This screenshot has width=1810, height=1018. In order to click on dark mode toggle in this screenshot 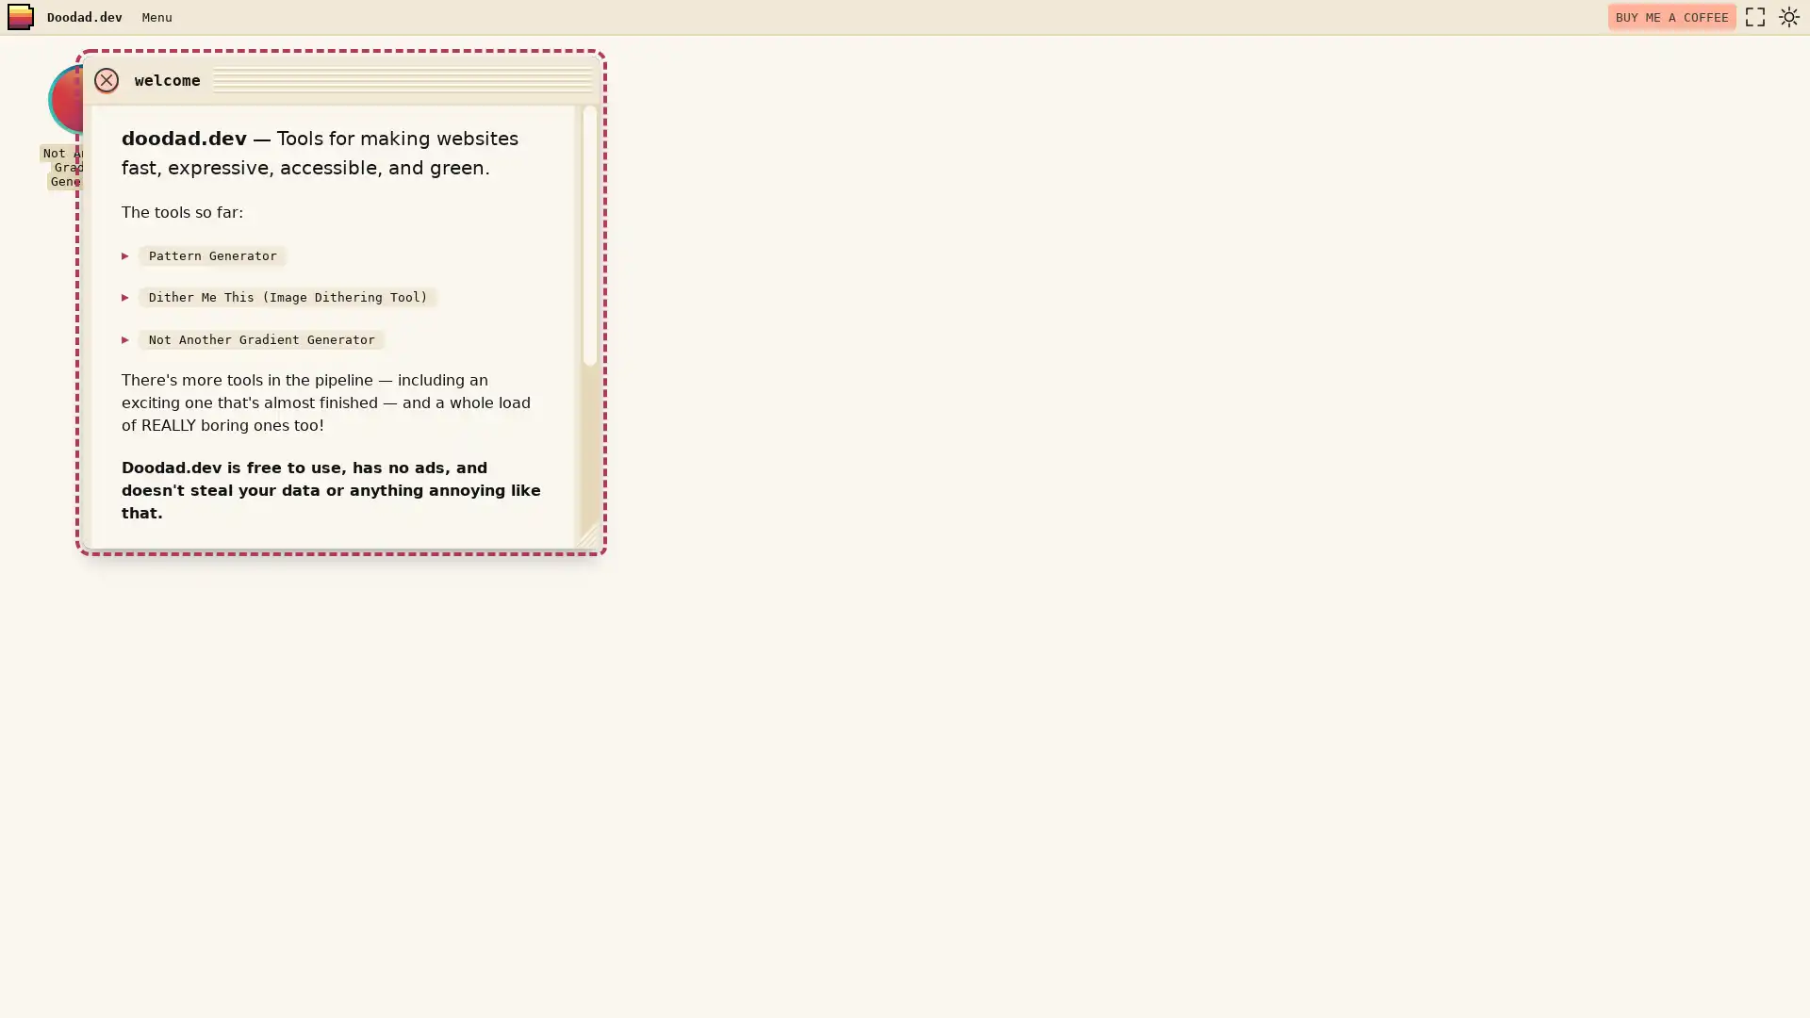, I will do `click(1787, 17)`.